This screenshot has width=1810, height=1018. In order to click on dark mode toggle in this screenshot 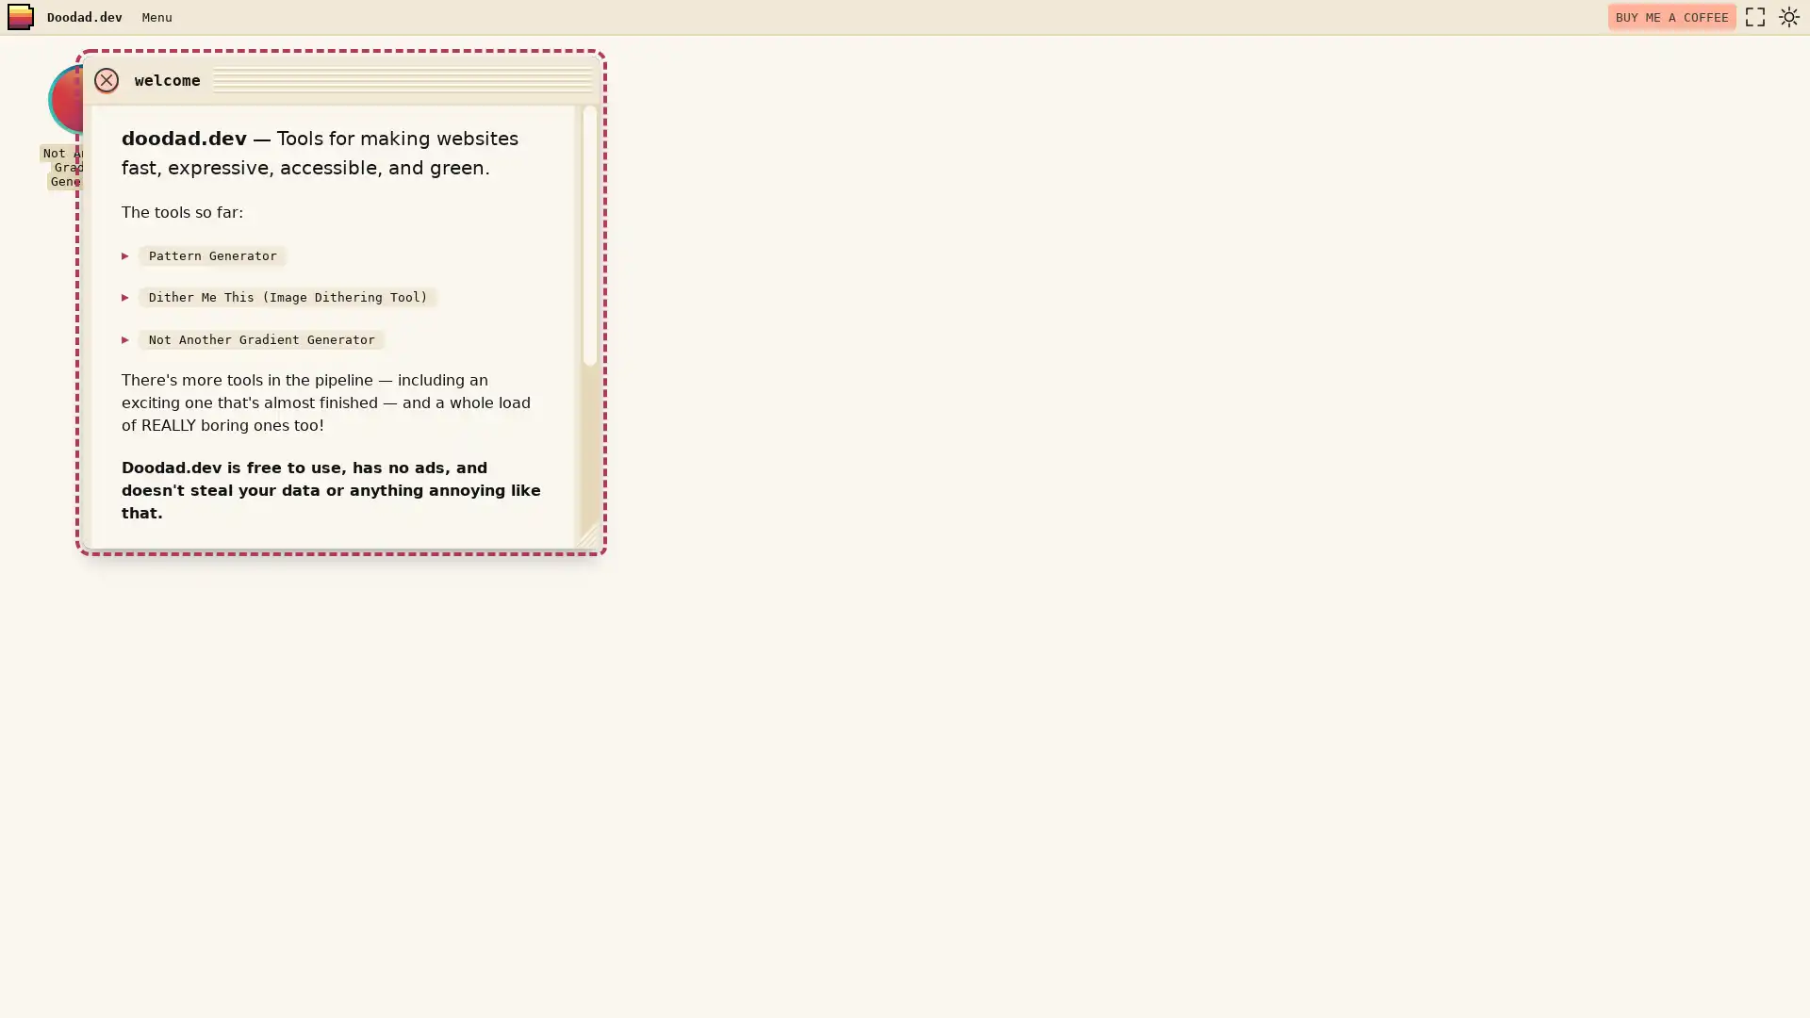, I will do `click(1787, 17)`.